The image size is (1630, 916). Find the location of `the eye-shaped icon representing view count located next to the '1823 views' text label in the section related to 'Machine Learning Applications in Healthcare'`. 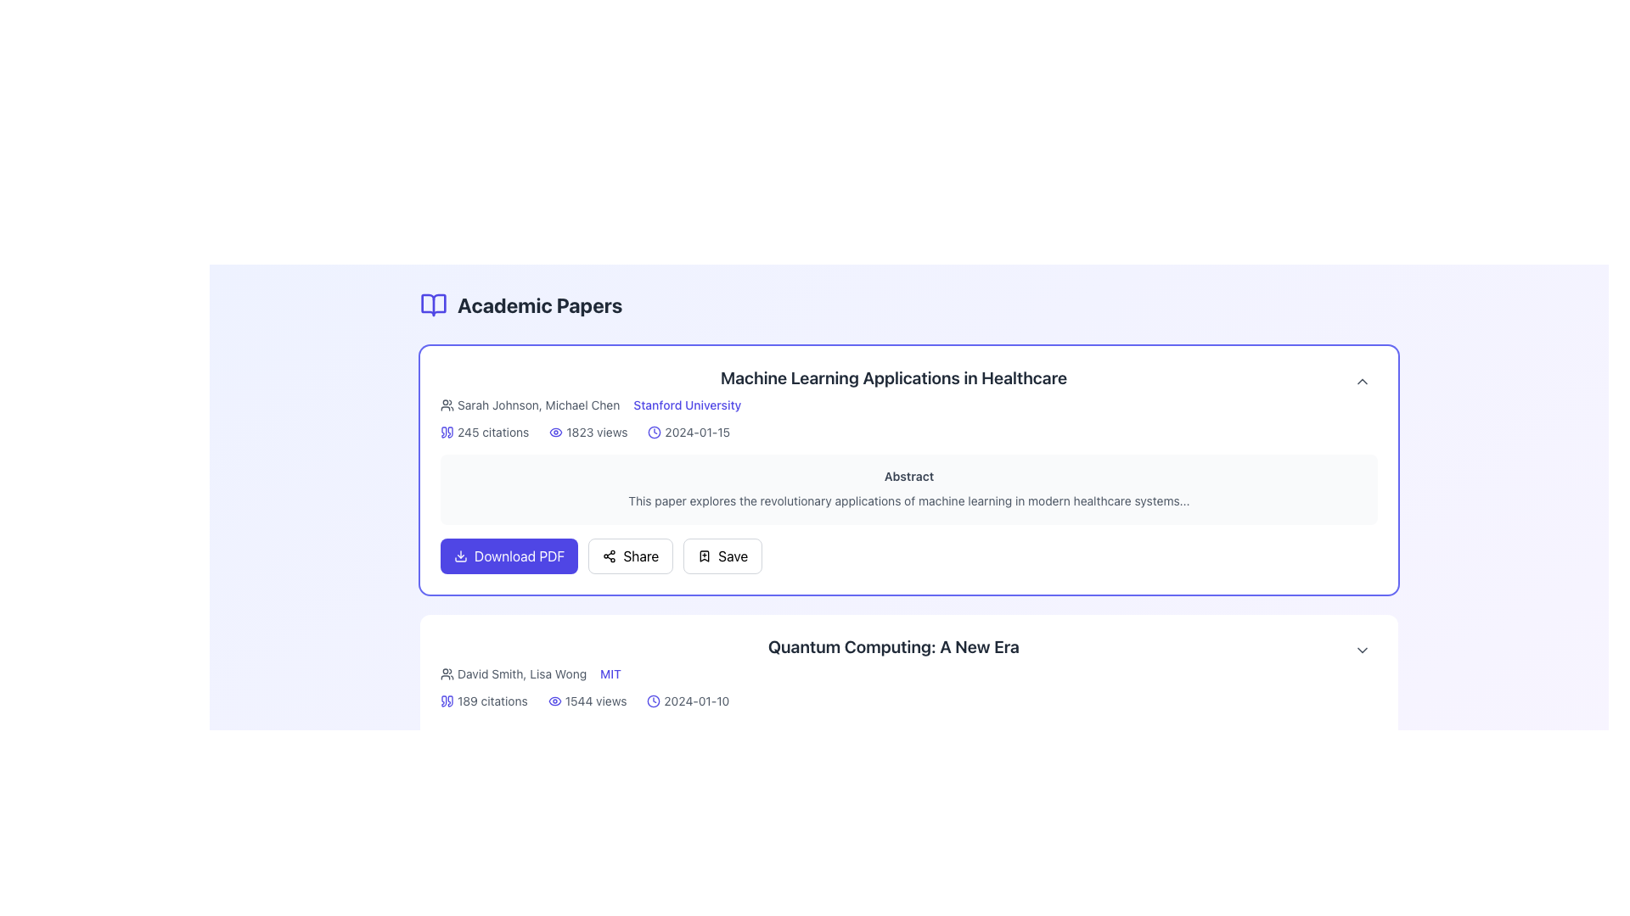

the eye-shaped icon representing view count located next to the '1823 views' text label in the section related to 'Machine Learning Applications in Healthcare' is located at coordinates (556, 431).